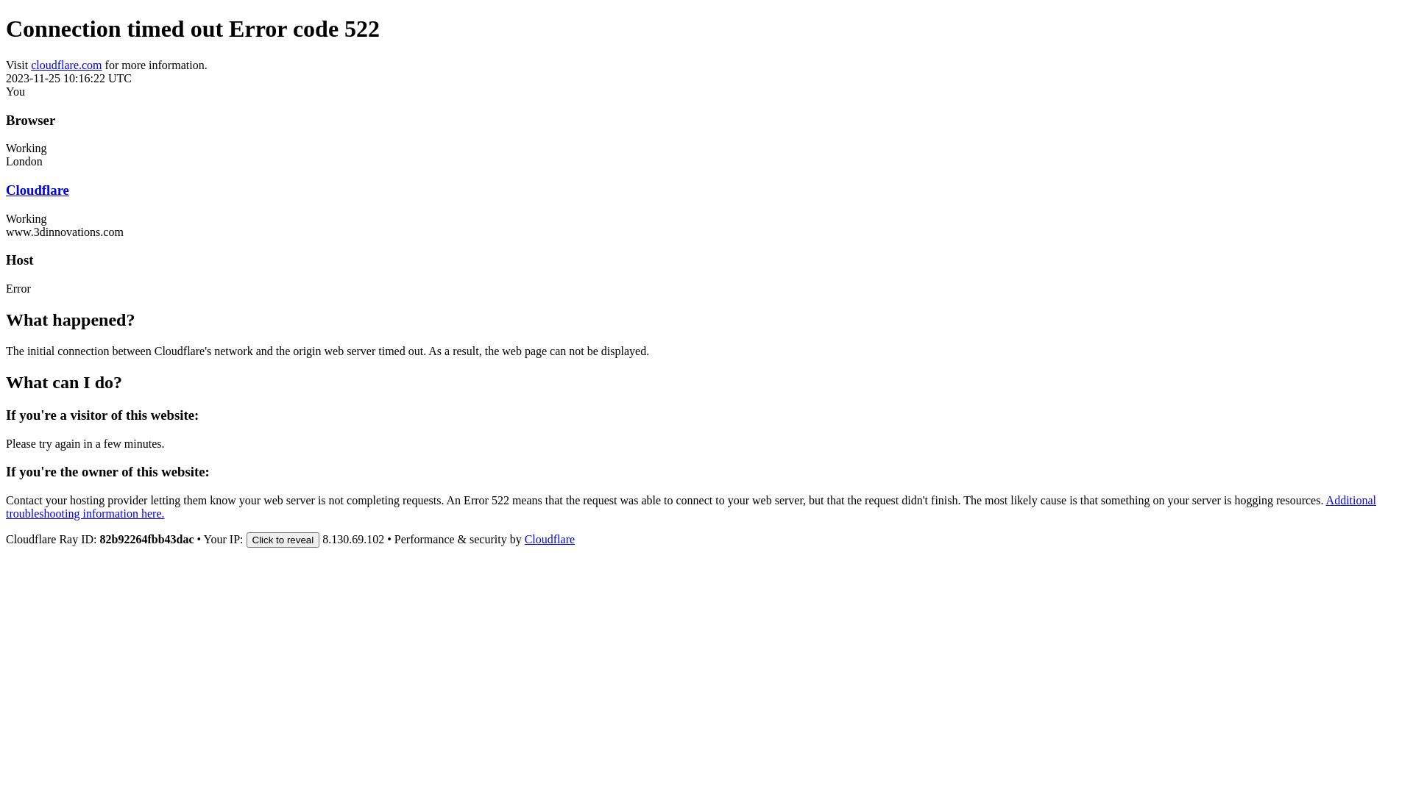 The height and width of the screenshot is (794, 1413). Describe the element at coordinates (65, 64) in the screenshot. I see `'cloudflare.com'` at that location.